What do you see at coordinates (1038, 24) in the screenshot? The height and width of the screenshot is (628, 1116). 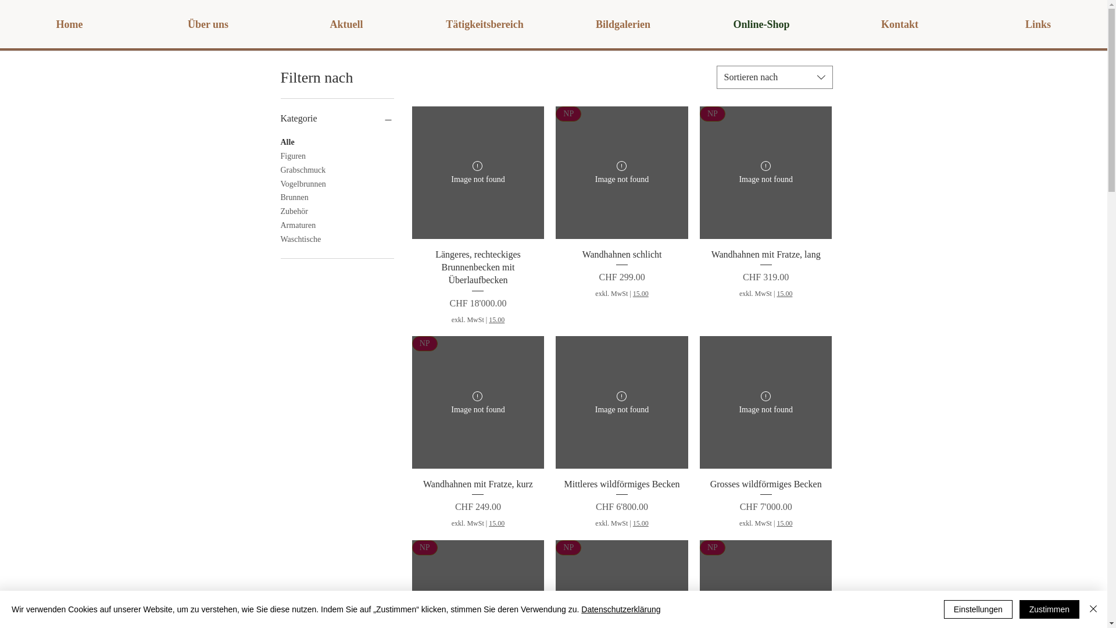 I see `'Links'` at bounding box center [1038, 24].